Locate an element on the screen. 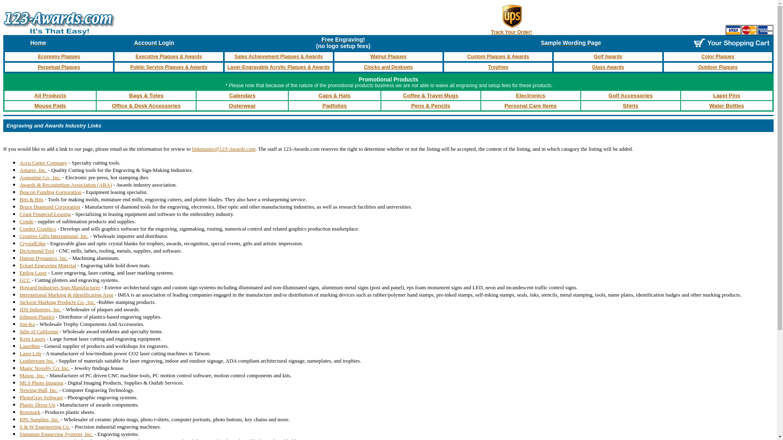  'Laser-Engravable Acrylic Plaques & Awards' is located at coordinates (279, 67).